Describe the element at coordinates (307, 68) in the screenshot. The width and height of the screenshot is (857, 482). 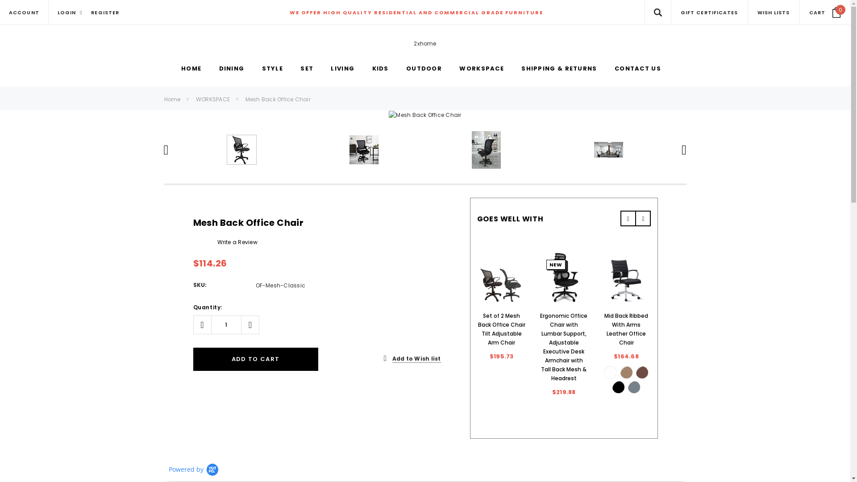
I see `'SET'` at that location.